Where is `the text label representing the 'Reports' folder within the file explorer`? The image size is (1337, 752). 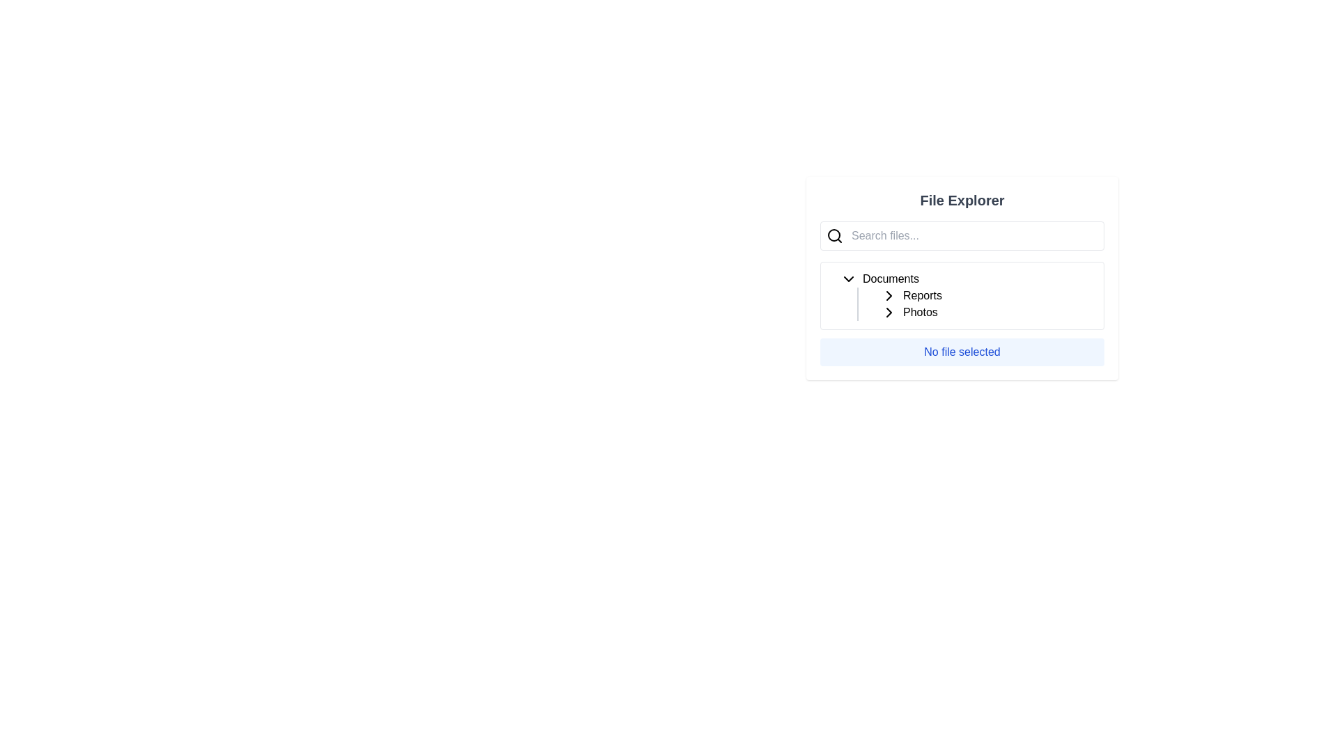
the text label representing the 'Reports' folder within the file explorer is located at coordinates (922, 295).